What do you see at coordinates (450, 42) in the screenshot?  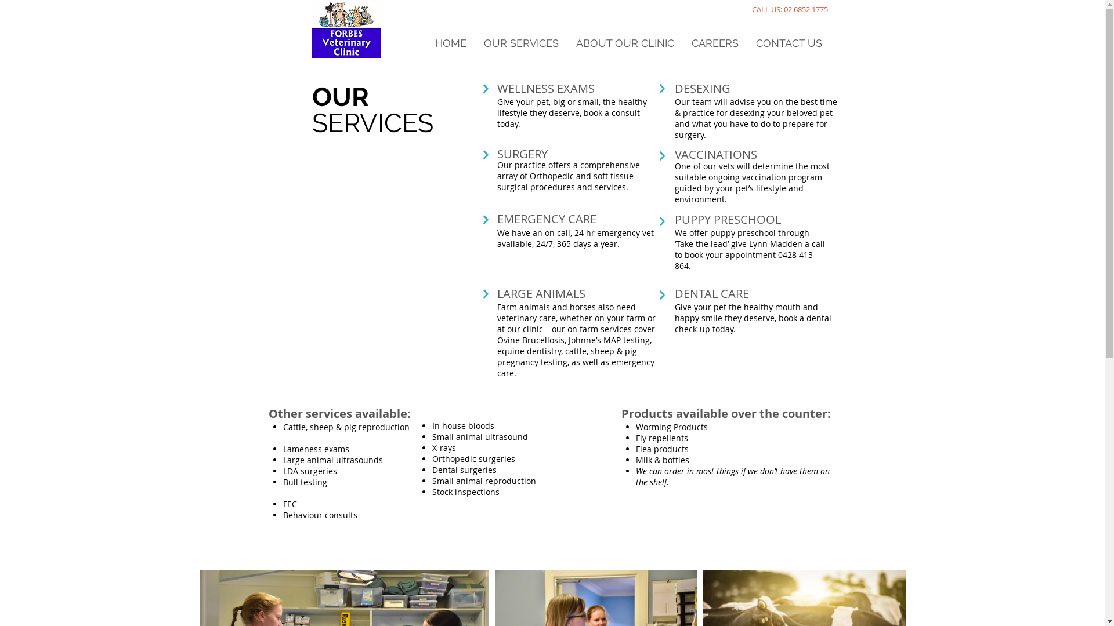 I see `'HOME'` at bounding box center [450, 42].